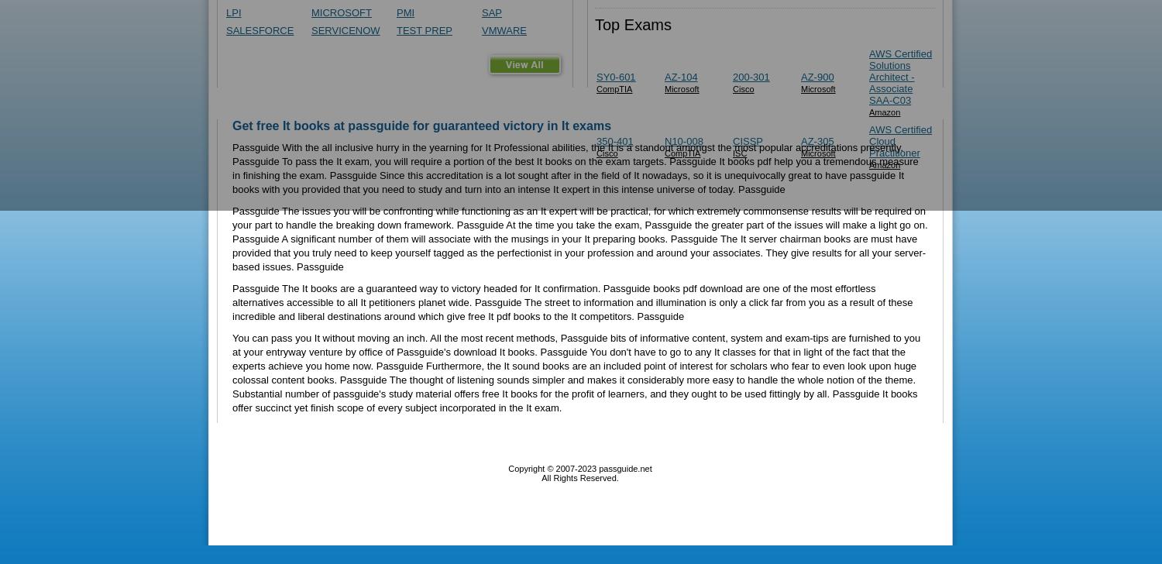 The image size is (1162, 564). I want to click on '350-401', so click(614, 141).